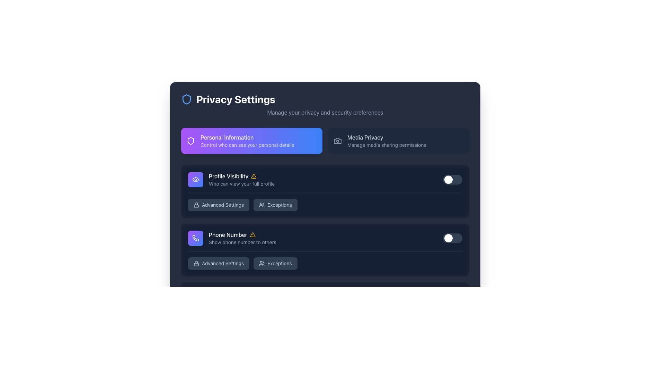 The height and width of the screenshot is (374, 665). What do you see at coordinates (242, 242) in the screenshot?
I see `the text label that reads 'Show phone number to others', styled in light gray, located below the 'Phone Number' section heading` at bounding box center [242, 242].